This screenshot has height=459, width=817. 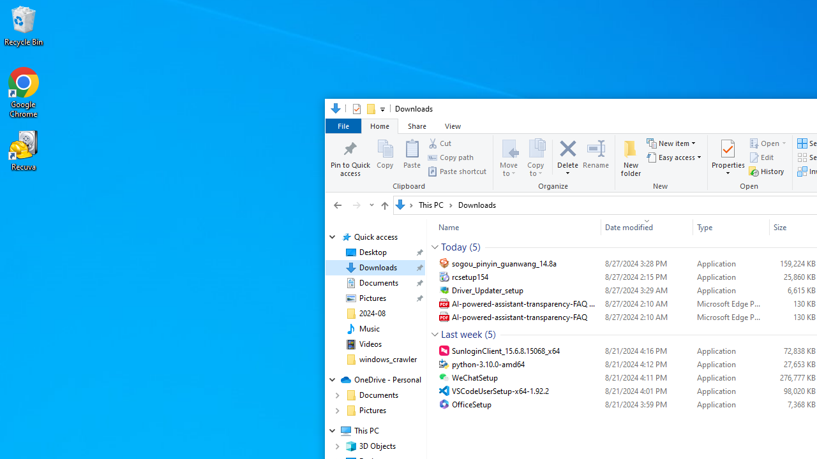 What do you see at coordinates (375, 237) in the screenshot?
I see `'Quick access'` at bounding box center [375, 237].